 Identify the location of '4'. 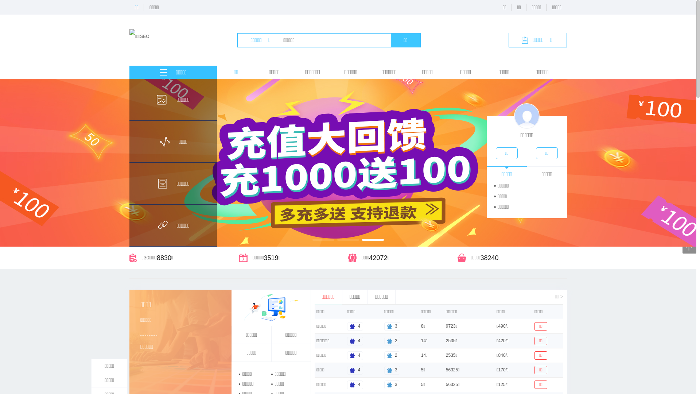
(355, 355).